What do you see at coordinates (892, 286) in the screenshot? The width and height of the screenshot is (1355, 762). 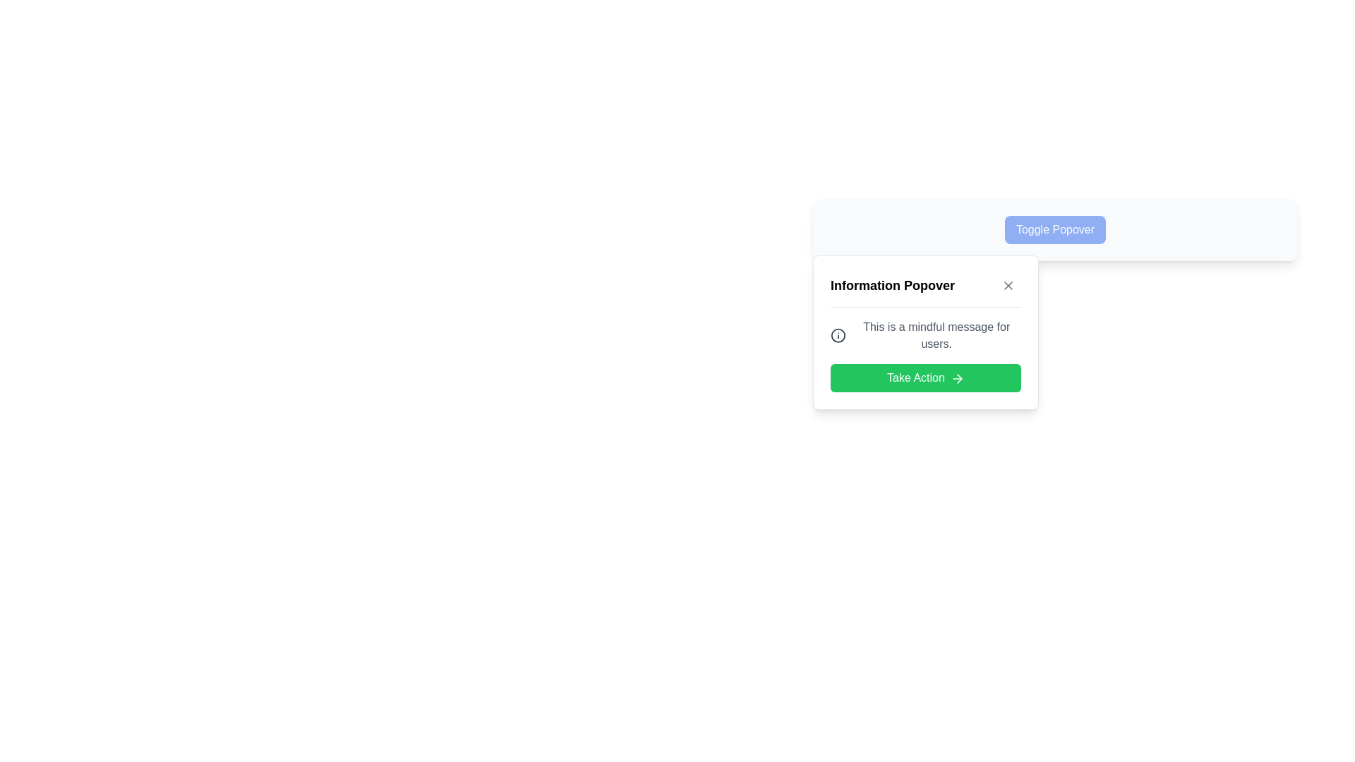 I see `title text of the modal dialog, which is located on the left side of the close button in the top horizontal section of the modal` at bounding box center [892, 286].